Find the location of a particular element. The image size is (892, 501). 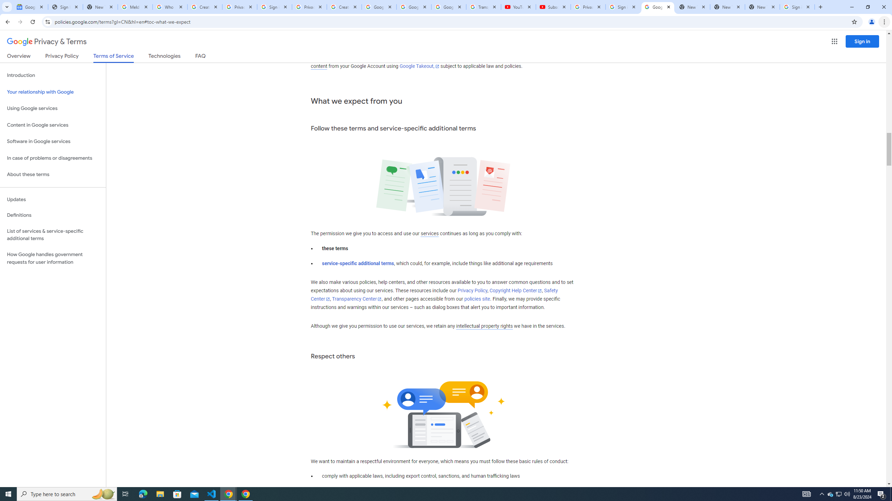

'YouTube' is located at coordinates (518, 7).